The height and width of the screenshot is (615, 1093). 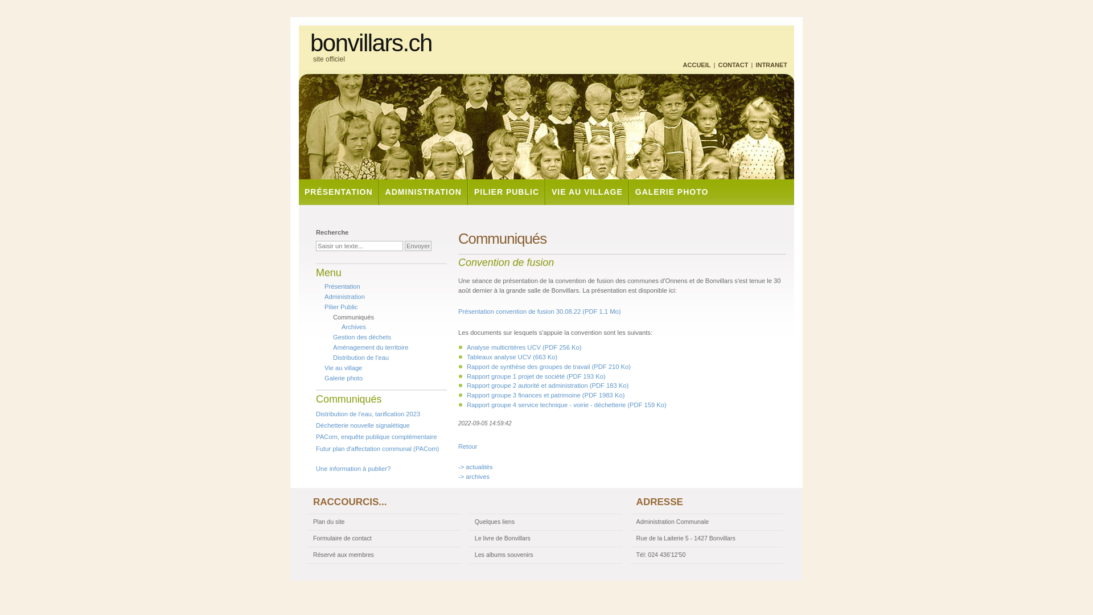 I want to click on 'Rue de la Laiterie 5 - 1427 Bonvillars', so click(x=630, y=538).